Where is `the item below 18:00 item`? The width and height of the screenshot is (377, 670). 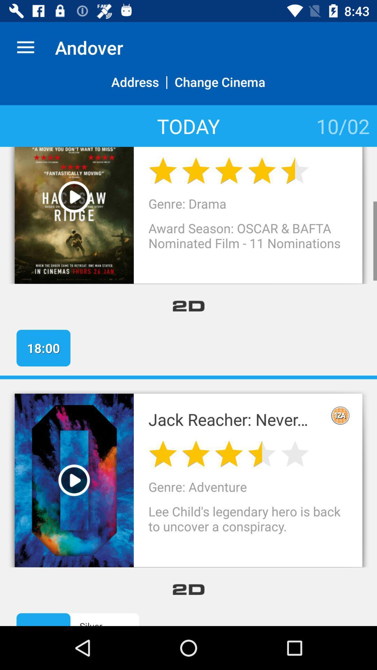
the item below 18:00 item is located at coordinates (188, 377).